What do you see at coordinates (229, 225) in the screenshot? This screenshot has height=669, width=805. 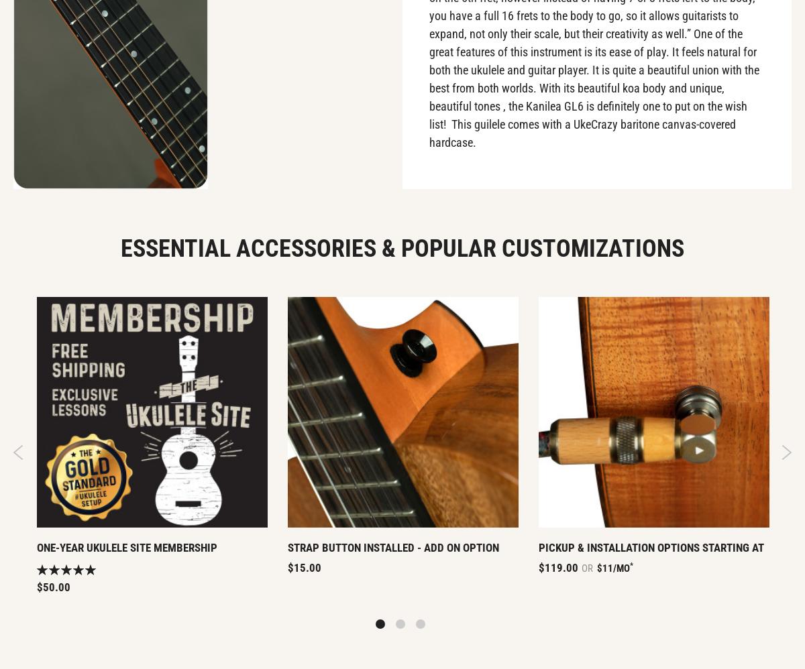 I see `'Guitars'` at bounding box center [229, 225].